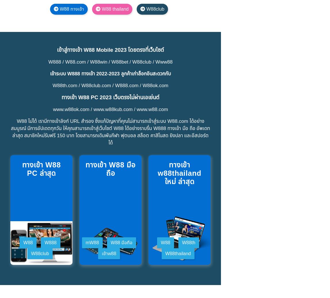 The height and width of the screenshot is (298, 330). I want to click on 'บริการสนับสนุนลูกค้าของ W88 ได้รับการชื่นชมจากผู้เล่นเสมอ เนื่องจากปัญหาทั้งหมดที่ผู้เล่นพบระหว่างการเล่นเกม การลงทะเบียนบัญชีหรือการถอนเงิน … ได้รับการสนับสนุนอย่างรวดเร็วและทุ่มเทโดยเจ้าหน้าที่ของ W88', so click(10, 77).